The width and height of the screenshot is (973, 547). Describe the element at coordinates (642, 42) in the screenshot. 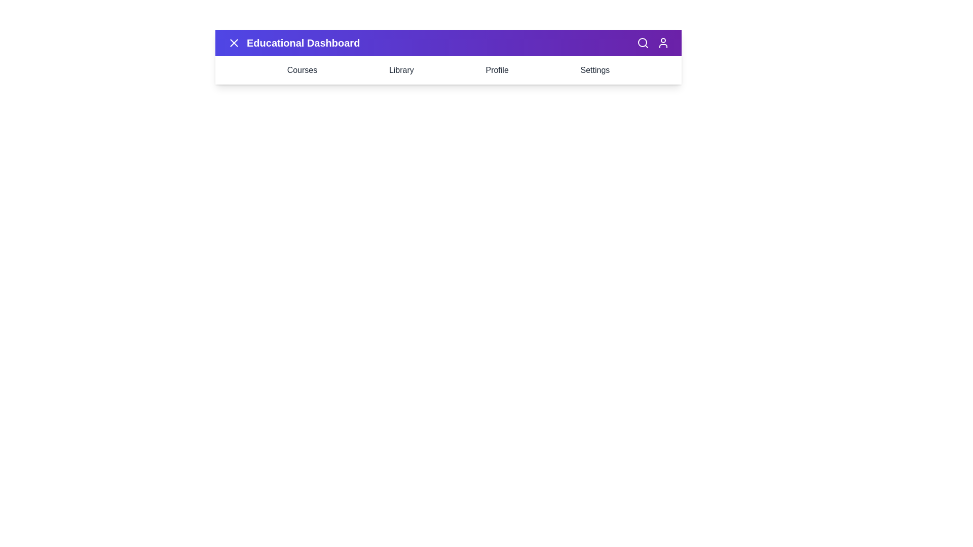

I see `the search icon in the top right corner of the dashboard bar` at that location.